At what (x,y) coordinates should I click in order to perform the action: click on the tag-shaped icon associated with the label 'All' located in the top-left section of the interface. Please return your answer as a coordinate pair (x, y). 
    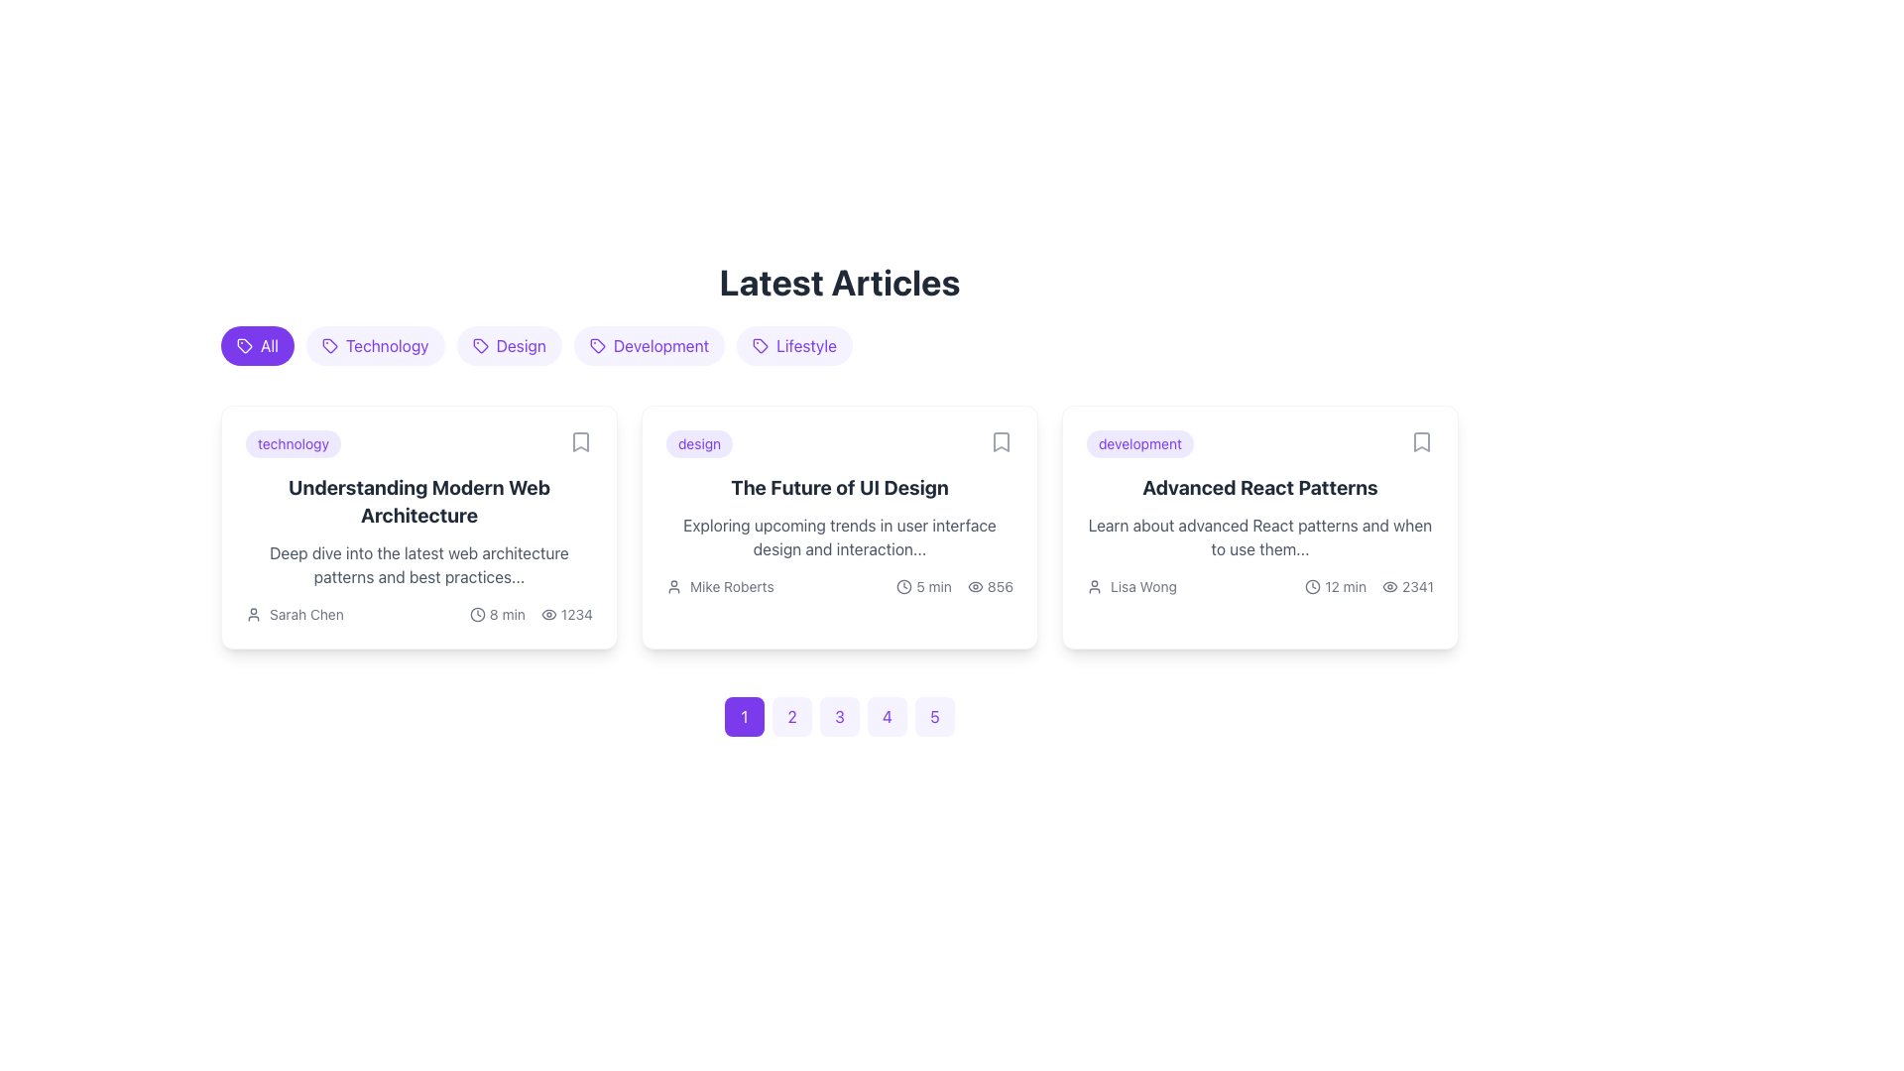
    Looking at the image, I should click on (243, 344).